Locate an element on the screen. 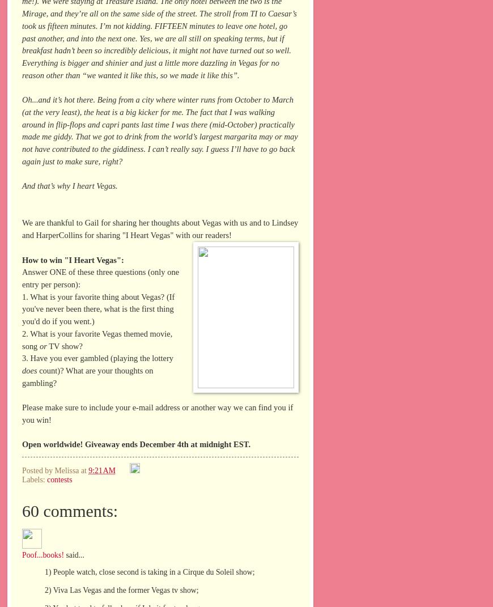  'or' is located at coordinates (42, 346).